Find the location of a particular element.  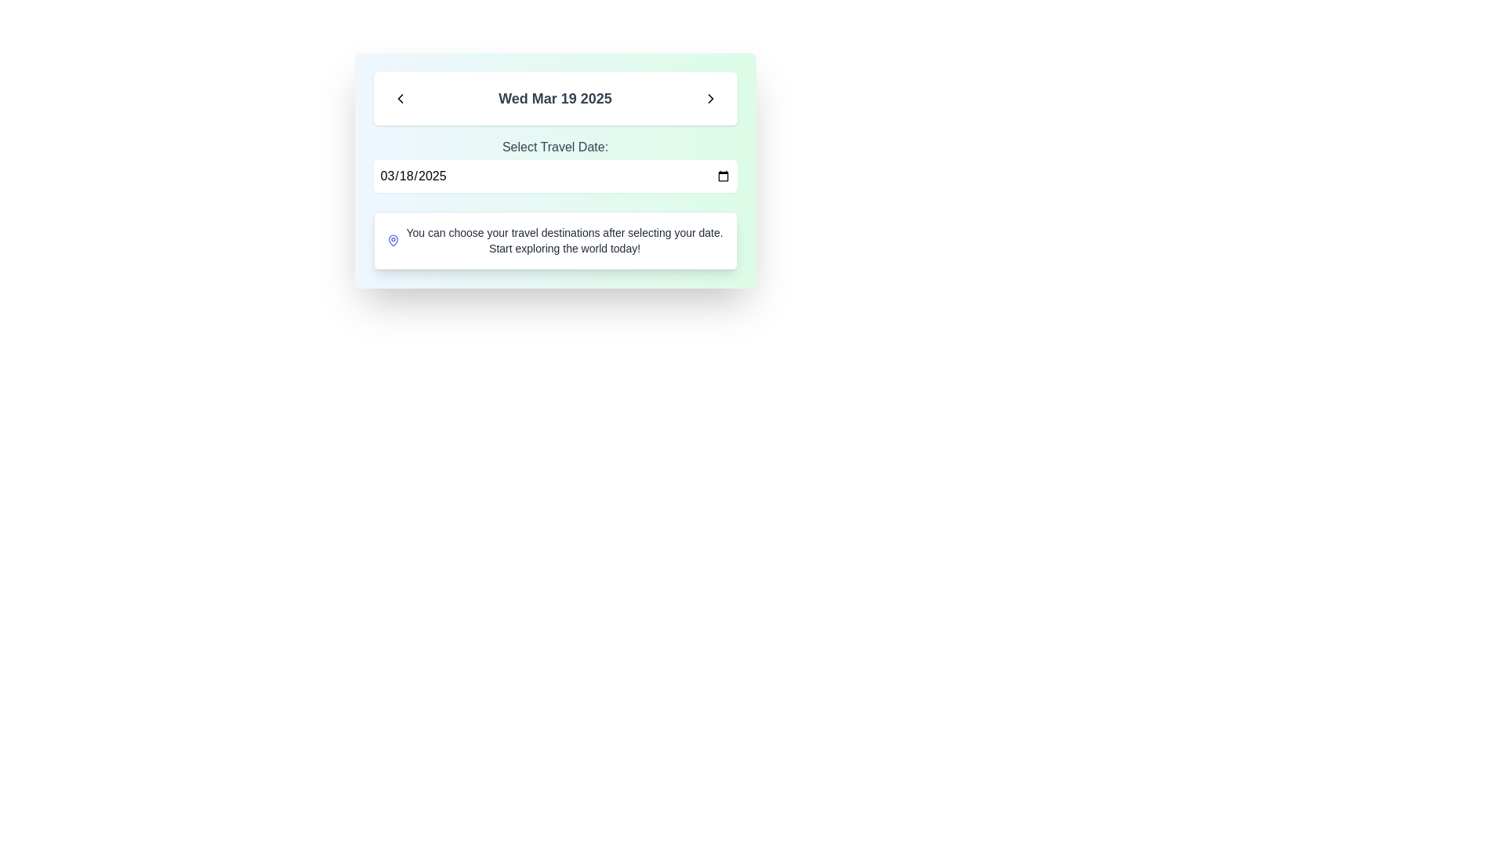

text content that represents a selected date in the date-picker interface, located centrally between navigational arrow icons is located at coordinates (555, 99).